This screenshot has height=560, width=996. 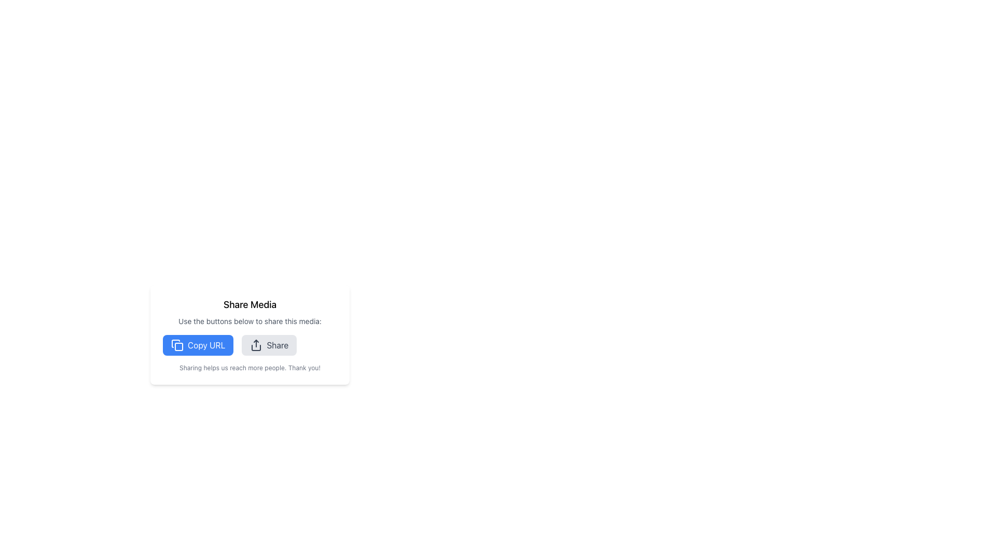 What do you see at coordinates (256, 345) in the screenshot?
I see `the share icon, which is an SVG representation of a share action, located near the center of the button labeled 'Share' in the toolbar, to initiate the share action` at bounding box center [256, 345].